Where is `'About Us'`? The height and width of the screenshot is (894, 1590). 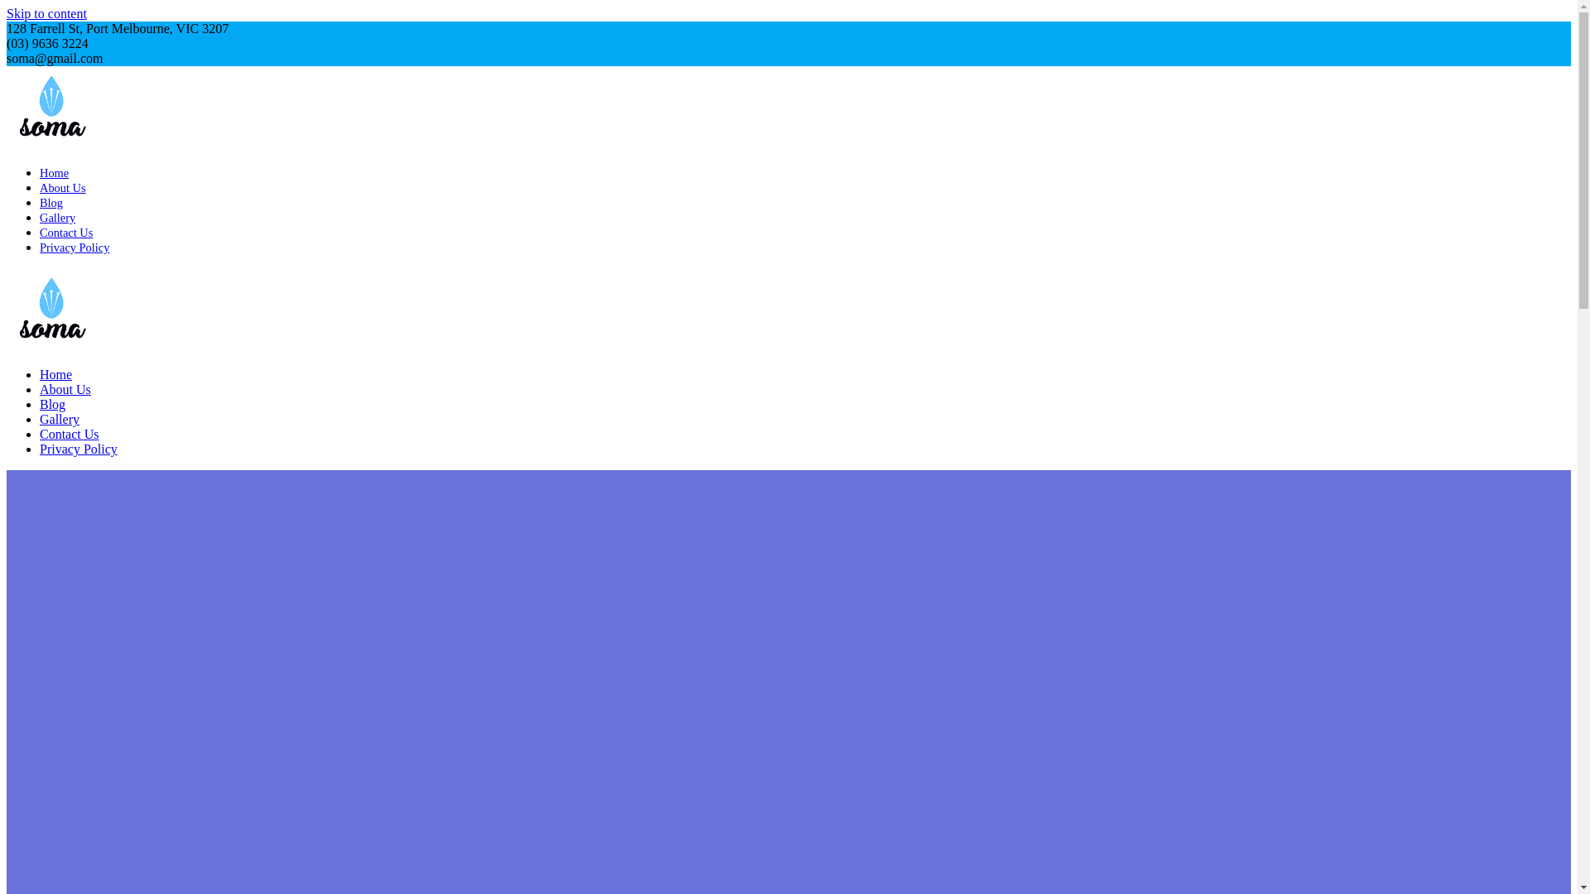 'About Us' is located at coordinates (40, 187).